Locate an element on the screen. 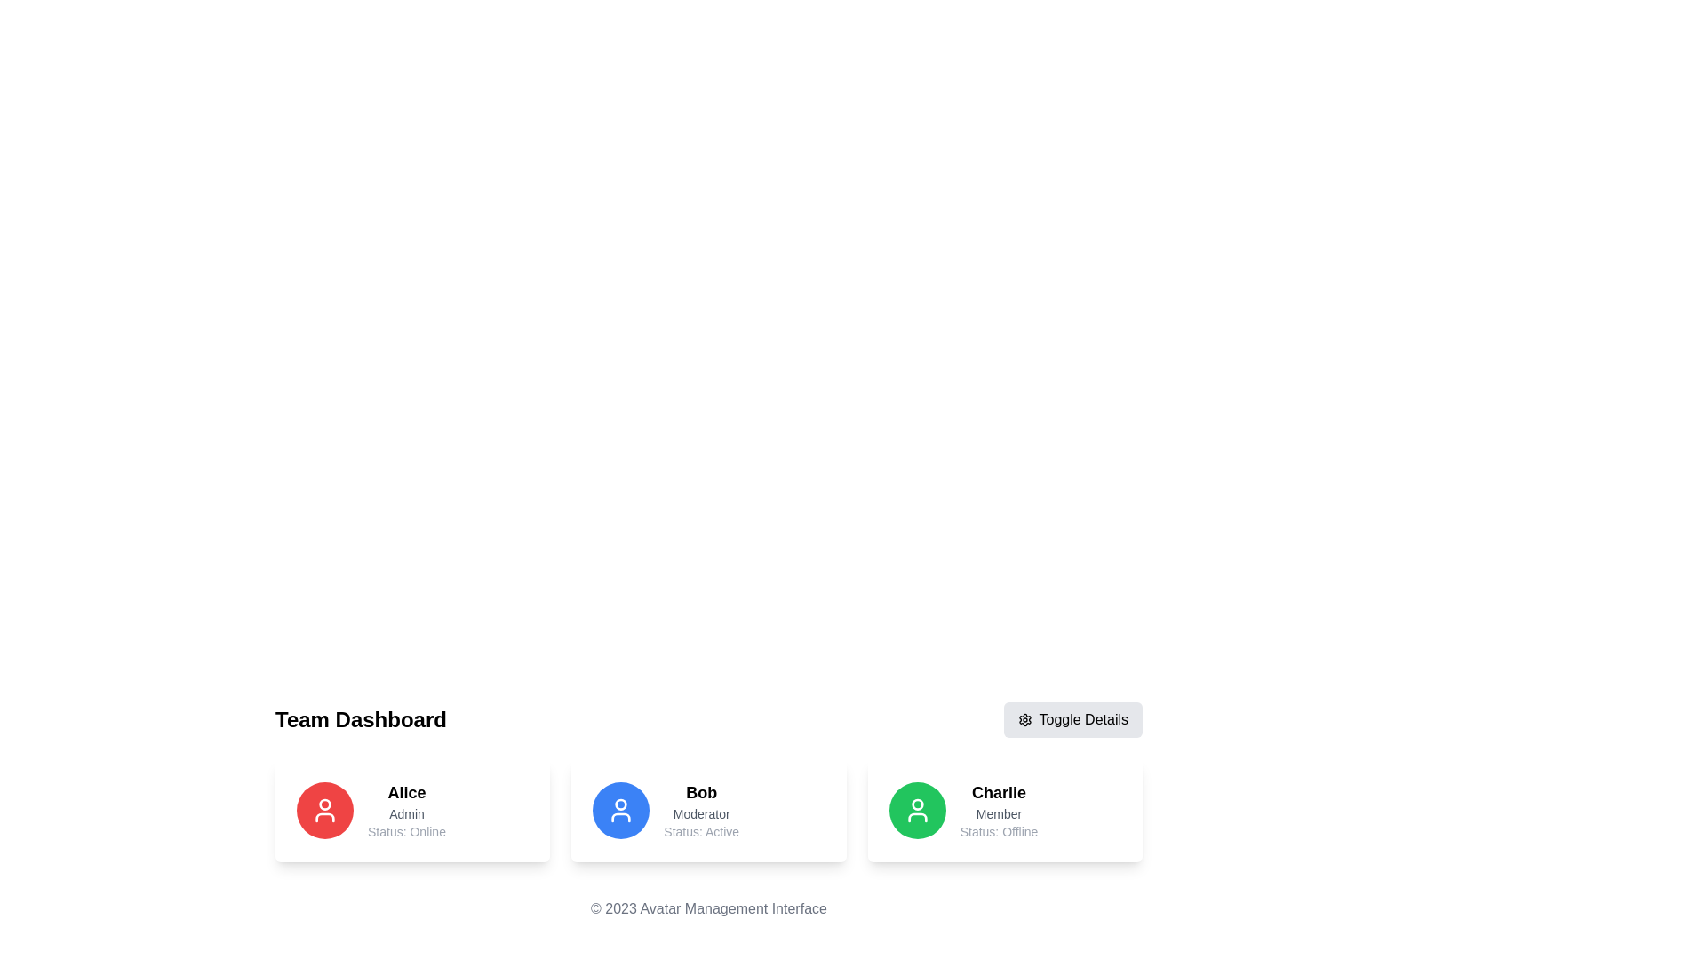 This screenshot has height=959, width=1706. the text label that indicates the role or designation of the user 'Charlie' in the Team Dashboard interface, which is centrally aligned below the name 'Charlie' and above the 'Status: Offline' text is located at coordinates (999, 814).